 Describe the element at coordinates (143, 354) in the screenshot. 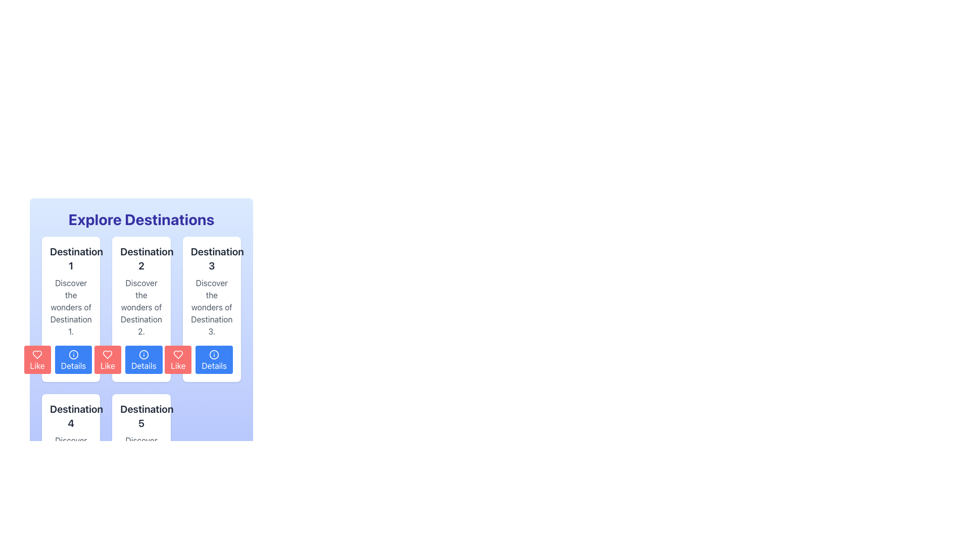

I see `the information action icon located within the 'Details' button of the second column for 'Destination 2', positioned in the lower blue section of the card layout` at that location.